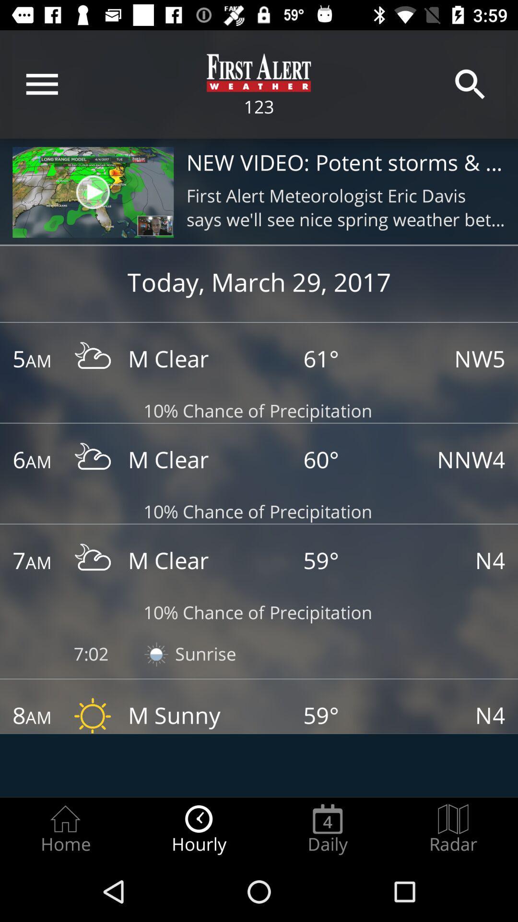 This screenshot has width=518, height=922. Describe the element at coordinates (327, 829) in the screenshot. I see `the item to the left of radar radio button` at that location.